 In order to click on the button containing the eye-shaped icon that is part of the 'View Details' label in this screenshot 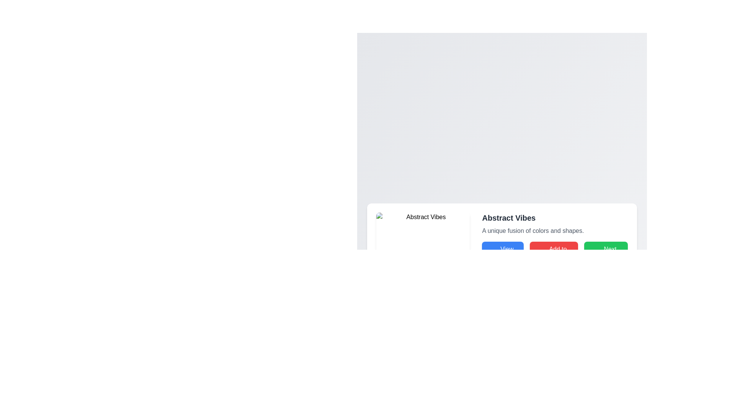, I will do `click(490, 254)`.